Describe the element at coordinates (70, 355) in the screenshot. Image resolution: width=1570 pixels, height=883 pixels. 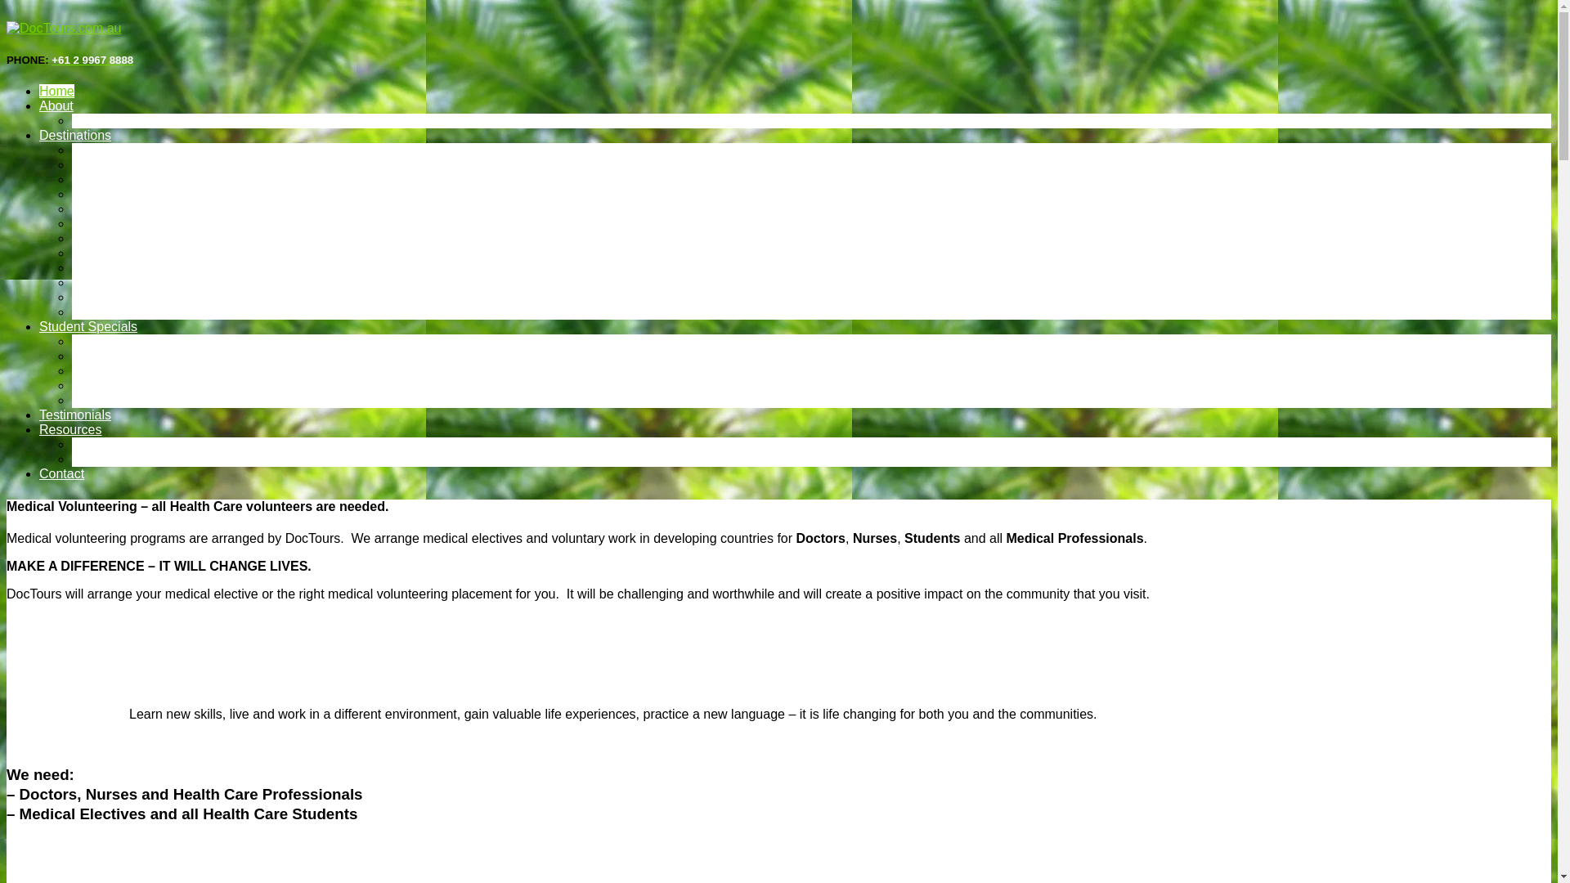
I see `'Nepal for students'` at that location.